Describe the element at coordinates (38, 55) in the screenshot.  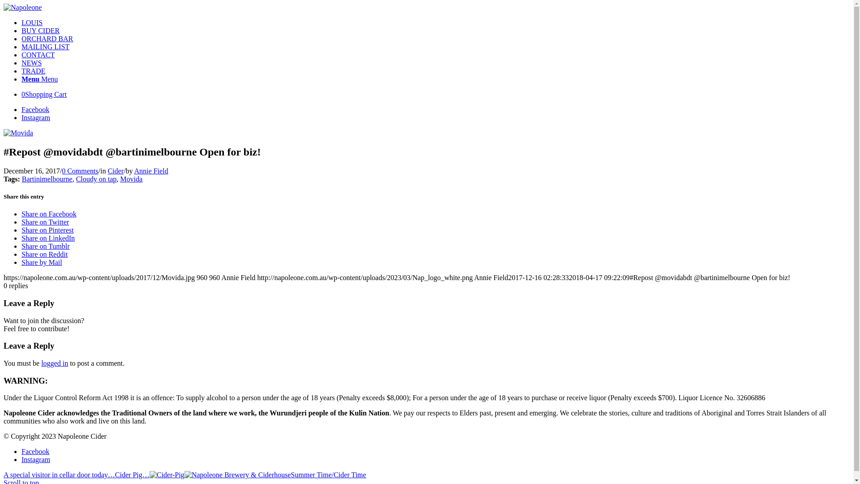
I see `'CONTACT'` at that location.